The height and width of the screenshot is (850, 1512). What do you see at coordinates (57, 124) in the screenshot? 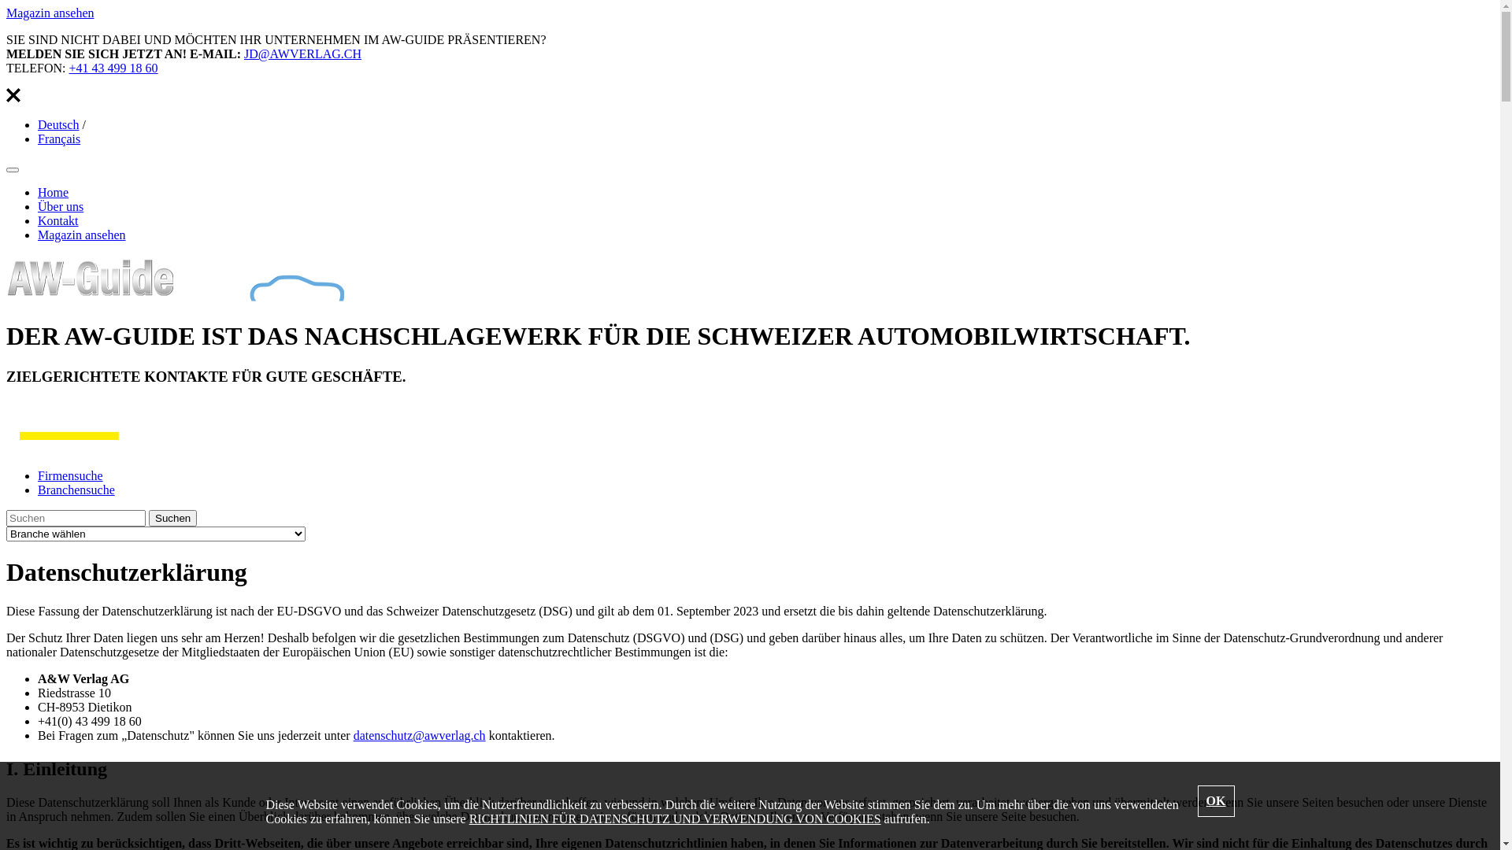
I see `'Deutsch'` at bounding box center [57, 124].